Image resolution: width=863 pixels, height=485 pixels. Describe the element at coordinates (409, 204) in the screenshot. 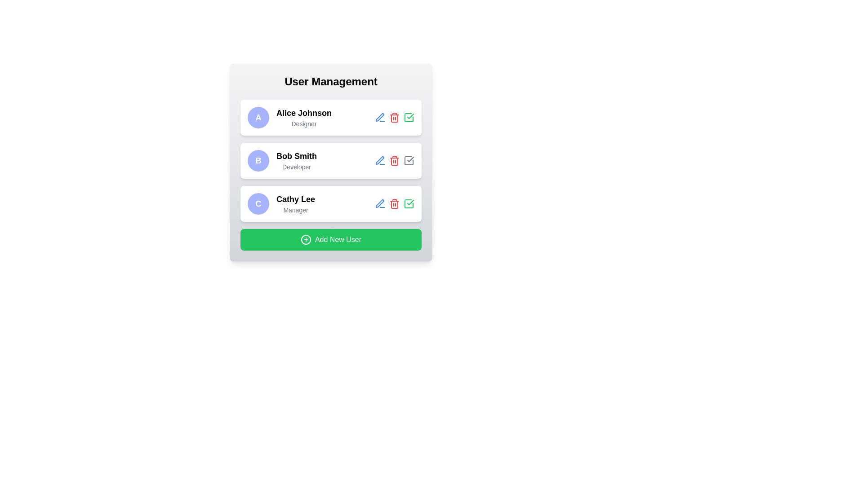

I see `the third checkmark icon next to the 'Cathy Lee' user entry` at that location.